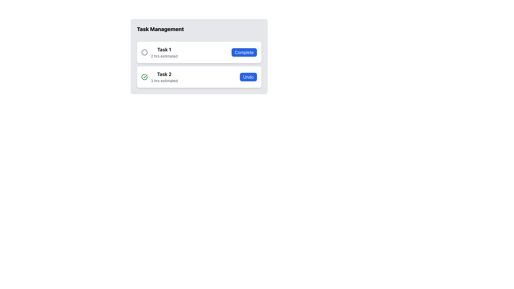 The width and height of the screenshot is (514, 289). I want to click on the 'Complete' button with a blue background and white text, so click(244, 52).